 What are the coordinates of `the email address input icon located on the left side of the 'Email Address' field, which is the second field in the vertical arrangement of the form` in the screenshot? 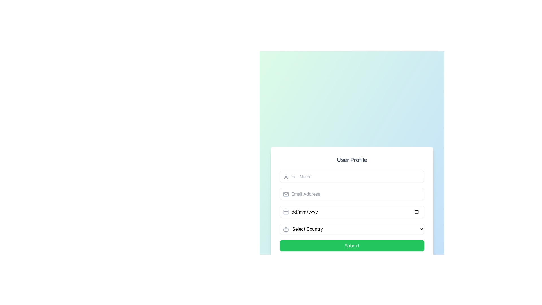 It's located at (286, 194).